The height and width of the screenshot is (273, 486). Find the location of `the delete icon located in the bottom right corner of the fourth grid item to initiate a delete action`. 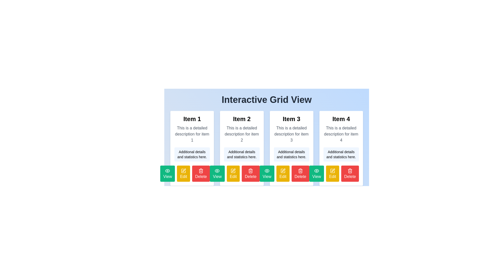

the delete icon located in the bottom right corner of the fourth grid item to initiate a delete action is located at coordinates (350, 171).